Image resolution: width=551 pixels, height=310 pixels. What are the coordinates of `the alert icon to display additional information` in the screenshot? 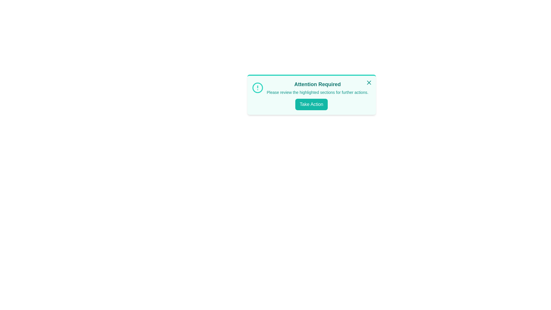 It's located at (257, 88).